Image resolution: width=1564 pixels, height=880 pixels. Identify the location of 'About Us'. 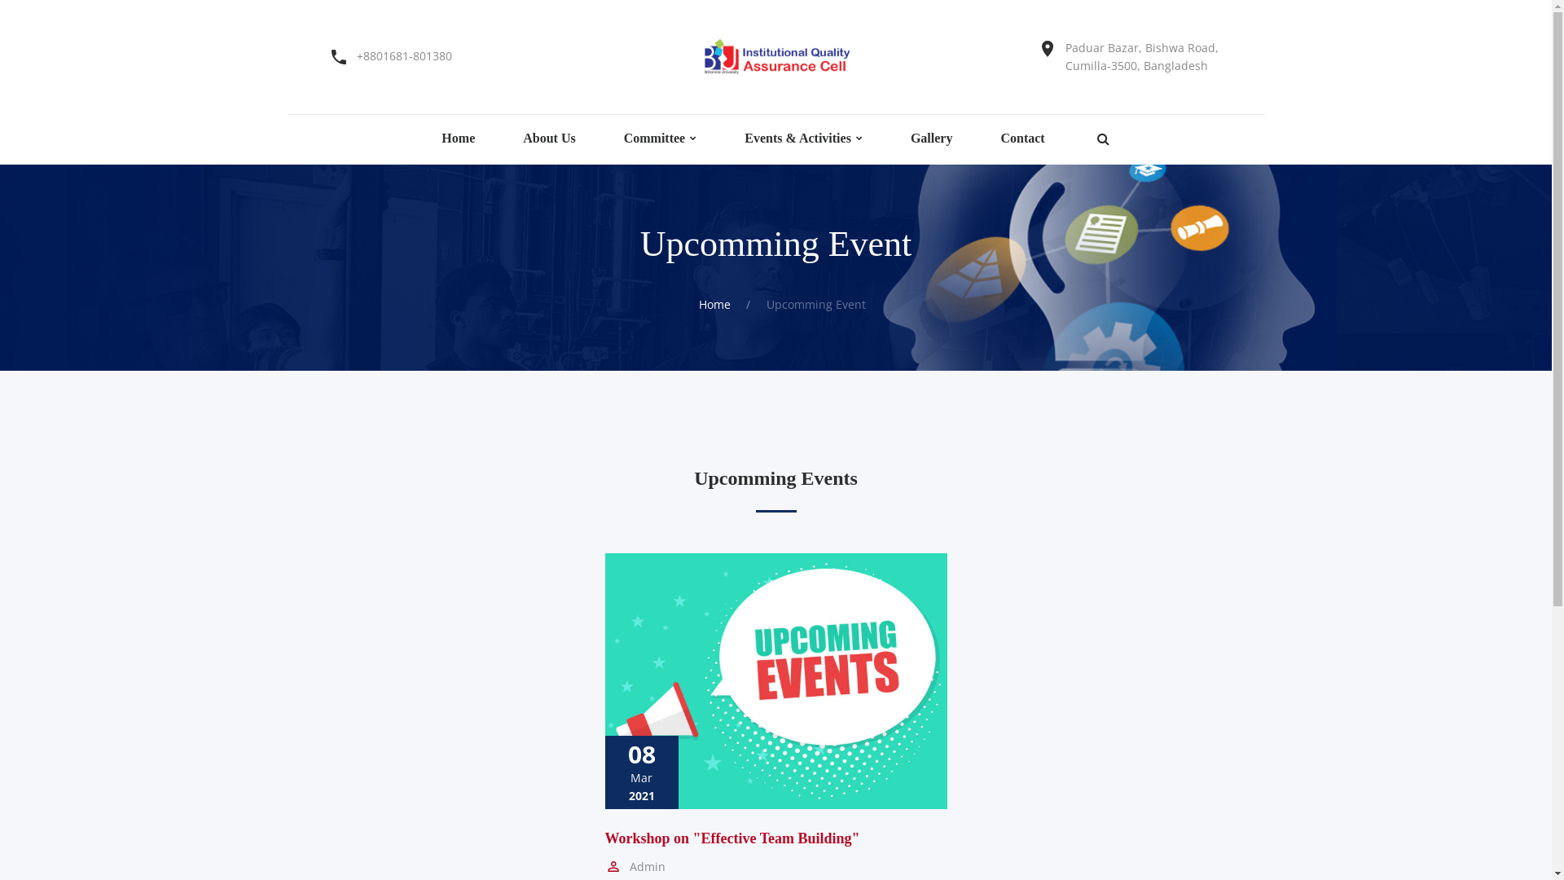
(523, 137).